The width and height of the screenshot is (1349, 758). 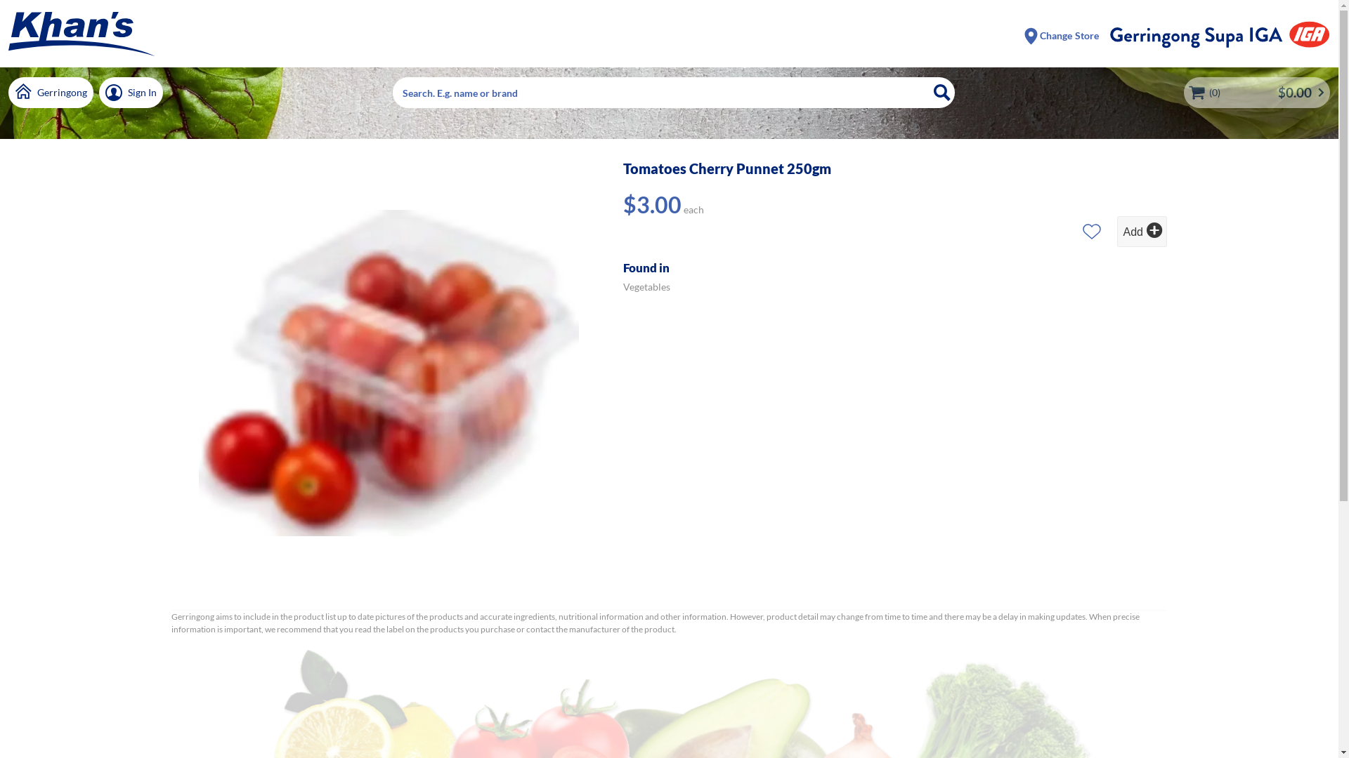 What do you see at coordinates (941, 92) in the screenshot?
I see `'Search'` at bounding box center [941, 92].